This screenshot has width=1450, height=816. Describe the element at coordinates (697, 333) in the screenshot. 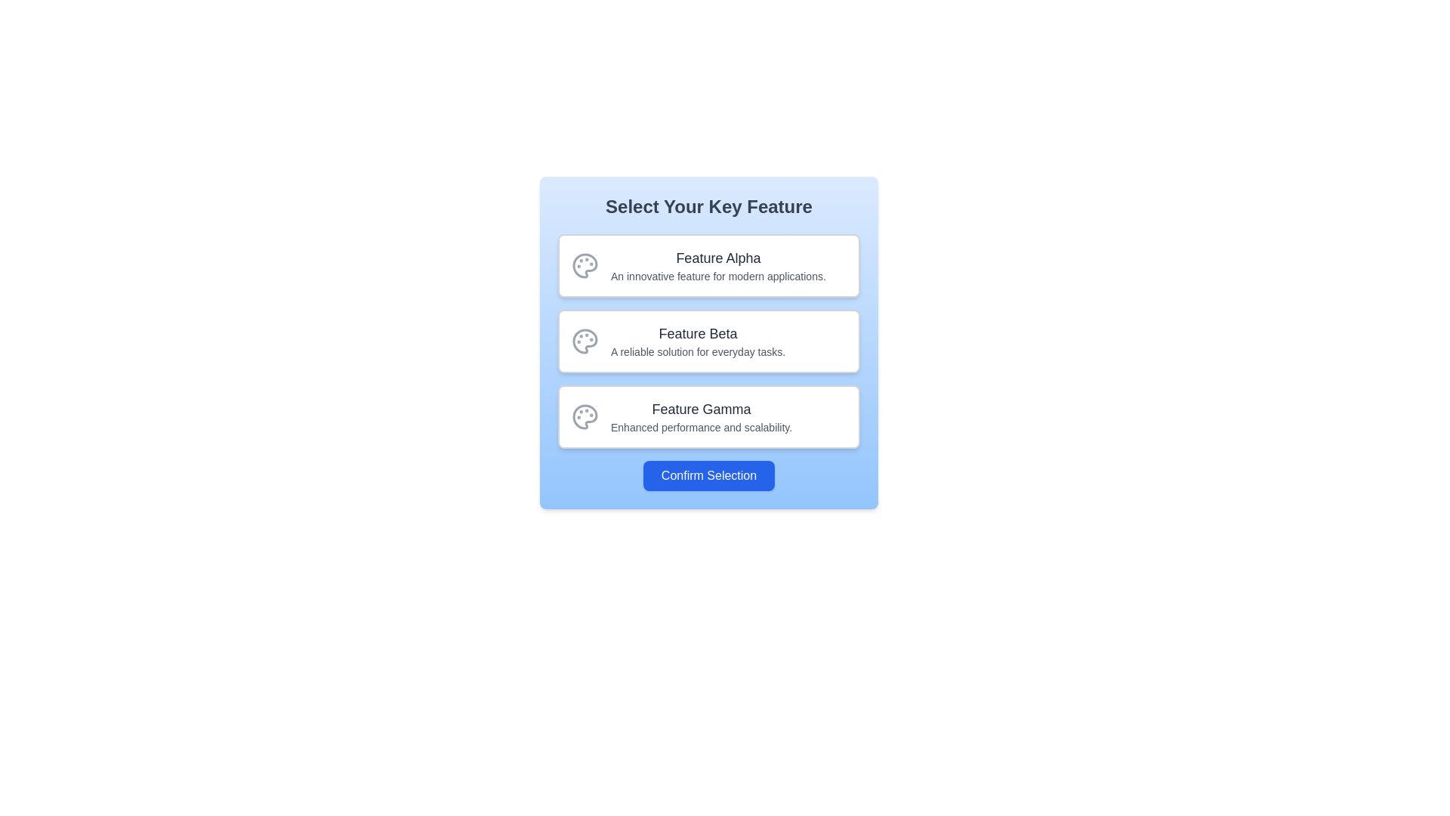

I see `Text heading that describes the feature named 'Feature Beta', which is centrally aligned and positioned above the descriptive text` at that location.